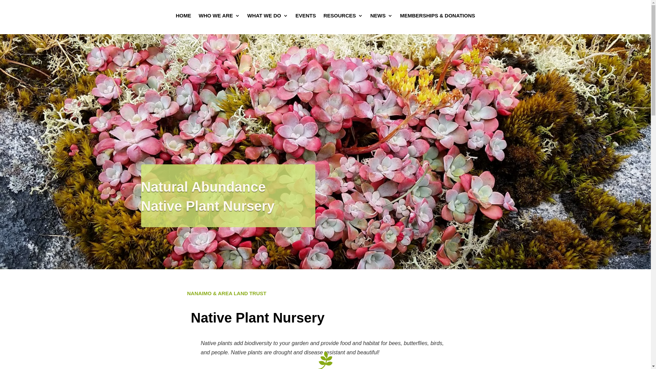 The width and height of the screenshot is (656, 369). Describe the element at coordinates (267, 17) in the screenshot. I see `'WHAT WE DO'` at that location.